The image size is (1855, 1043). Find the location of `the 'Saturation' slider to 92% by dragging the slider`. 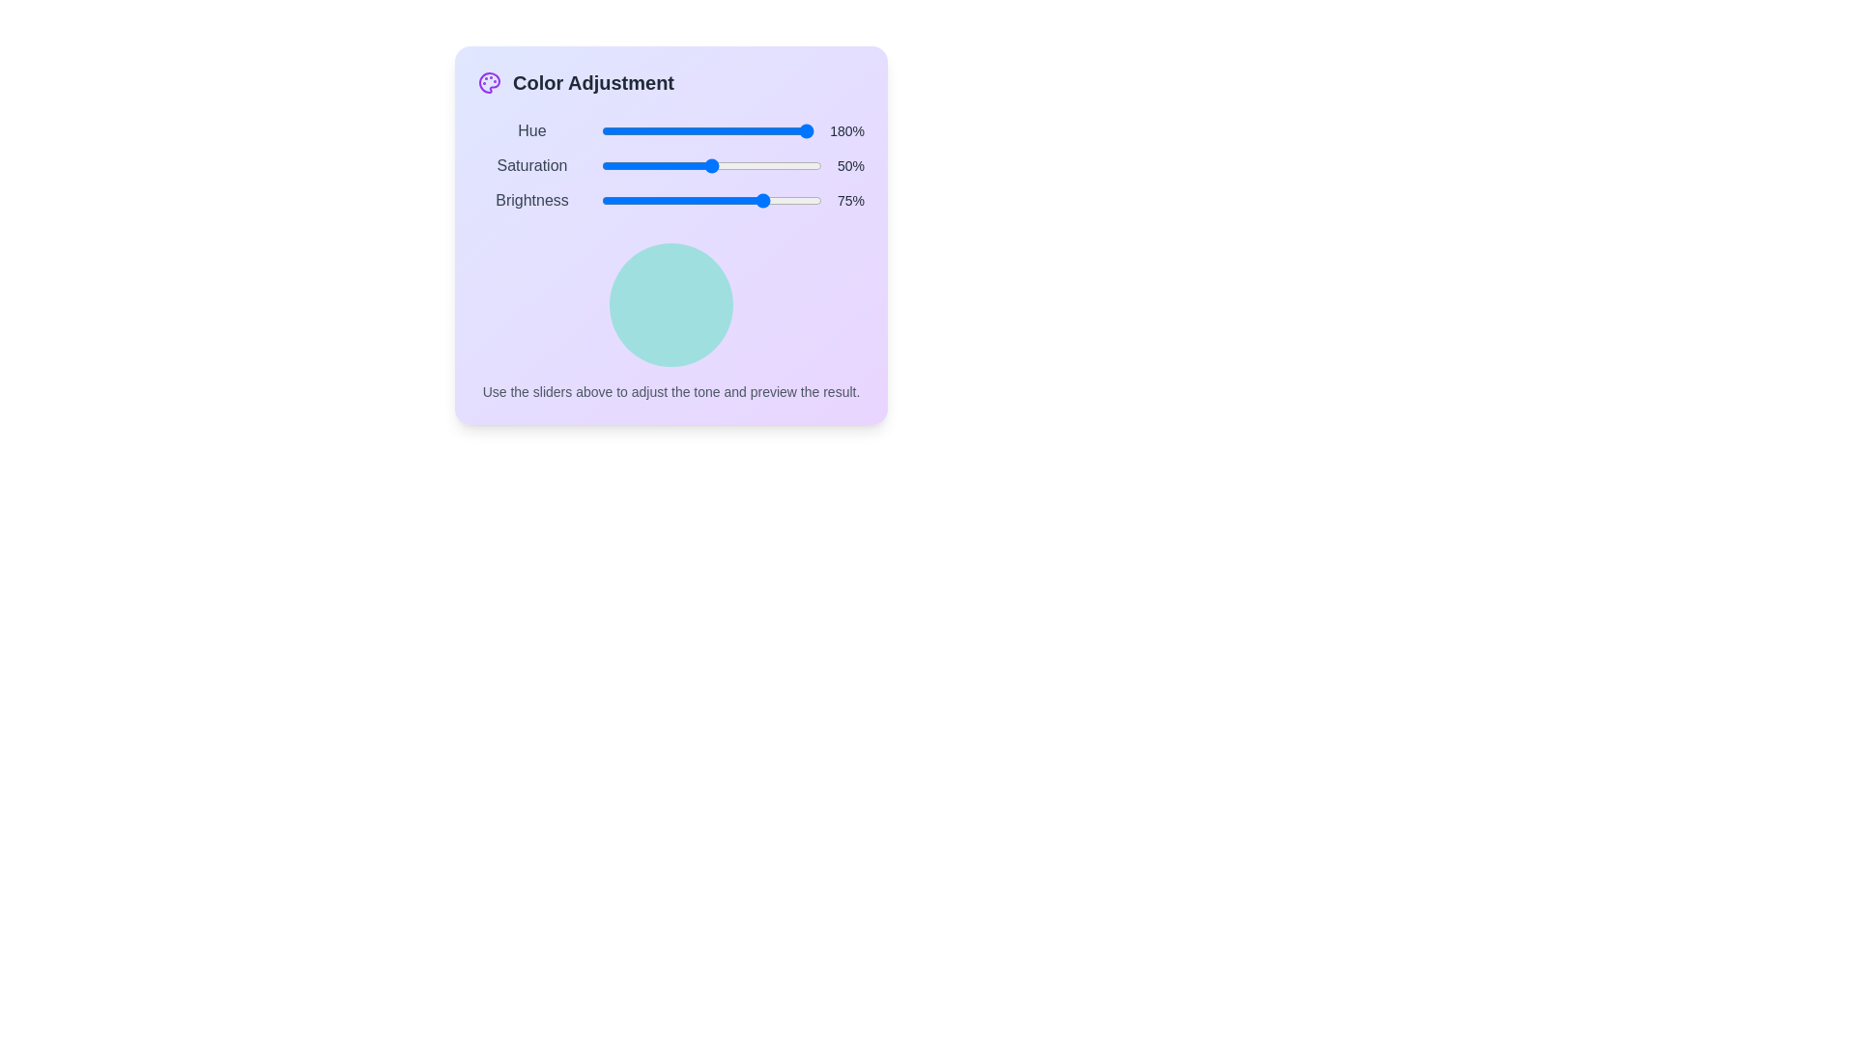

the 'Saturation' slider to 92% by dragging the slider is located at coordinates (803, 165).